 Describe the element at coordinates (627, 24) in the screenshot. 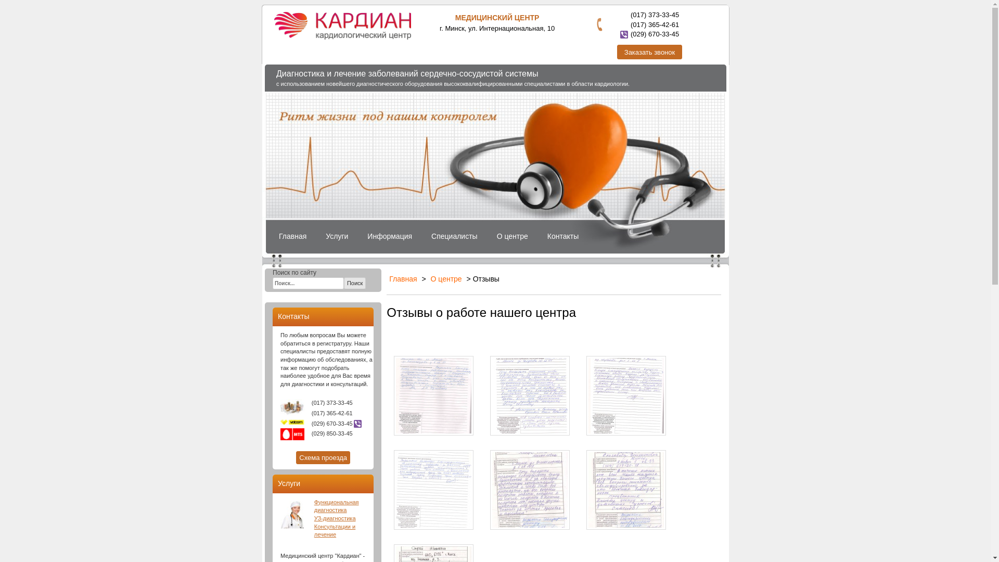

I see `'(017) 365-42-61'` at that location.